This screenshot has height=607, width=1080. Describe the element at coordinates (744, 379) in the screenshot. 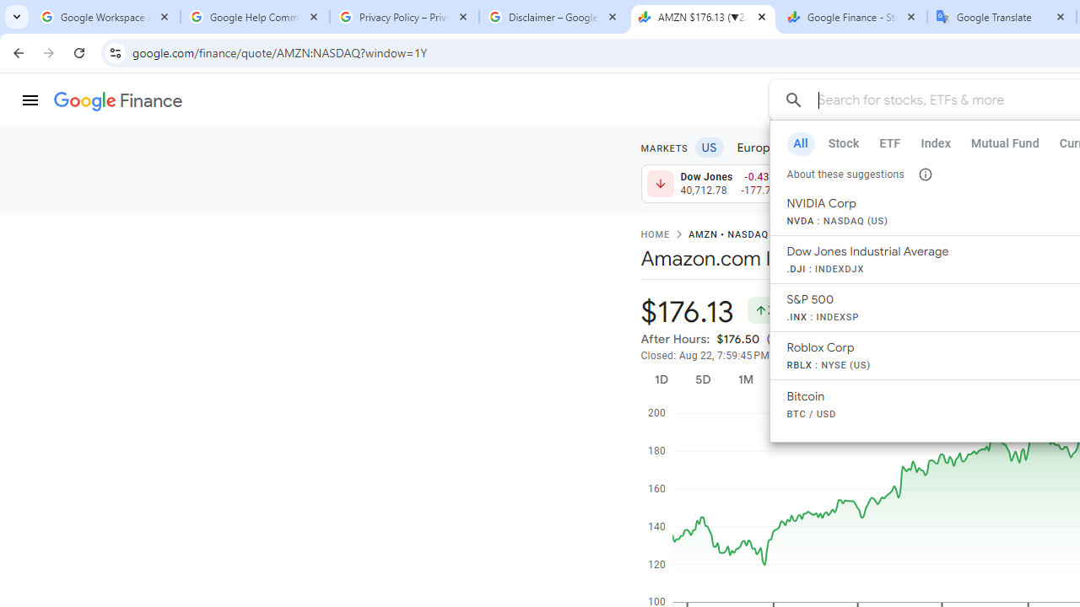

I see `'1M'` at that location.